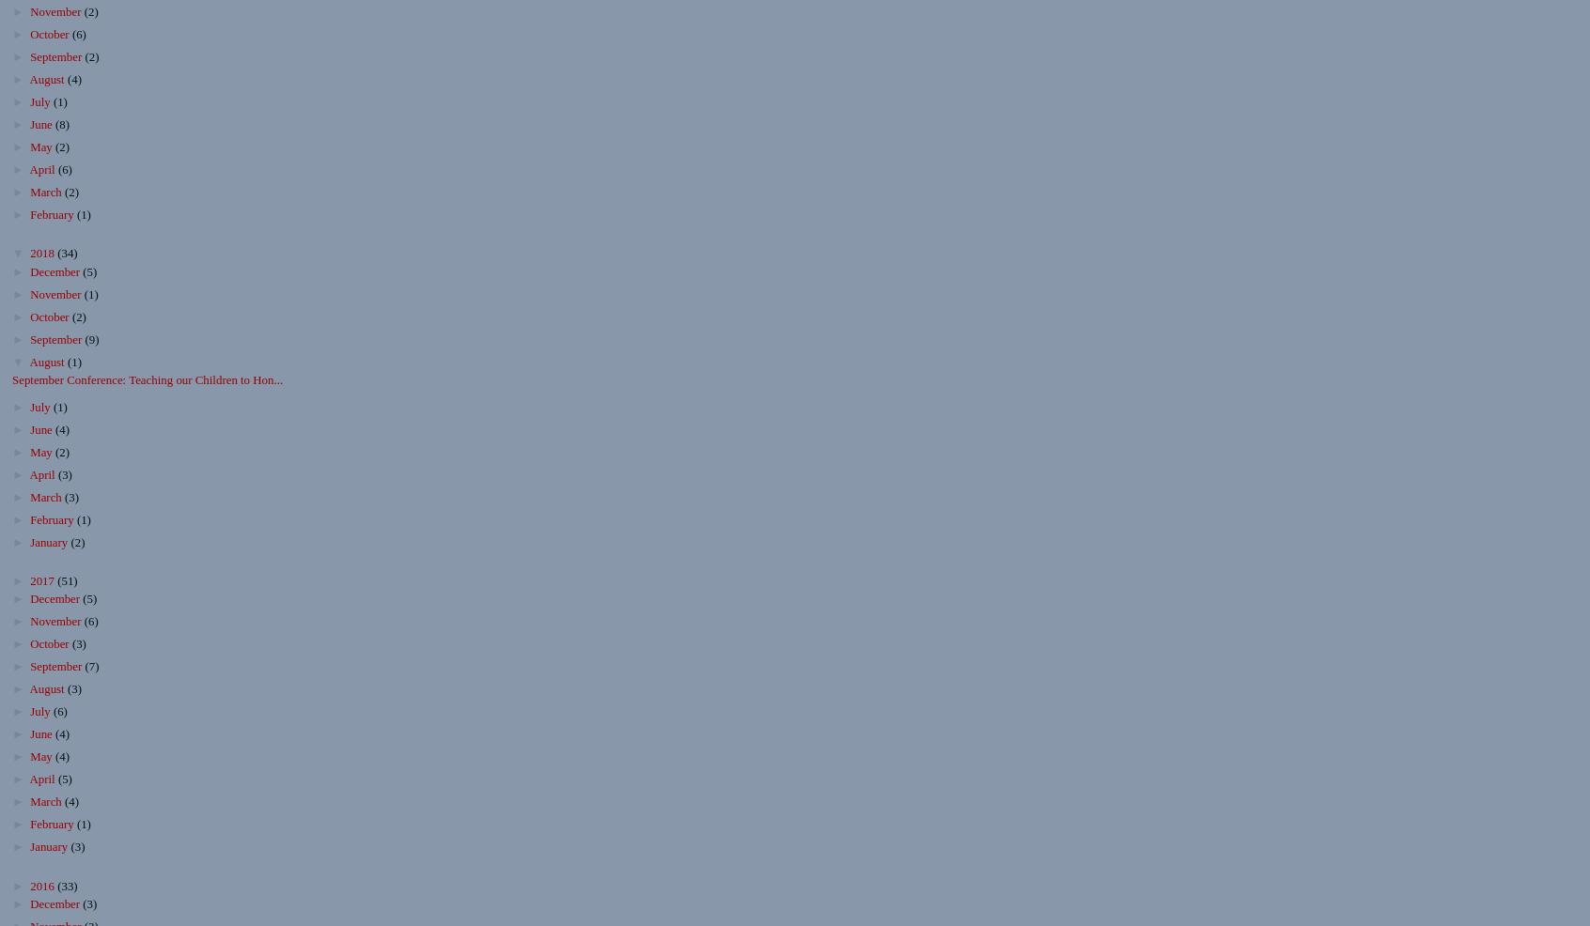 The height and width of the screenshot is (926, 1590). I want to click on '2017', so click(42, 580).